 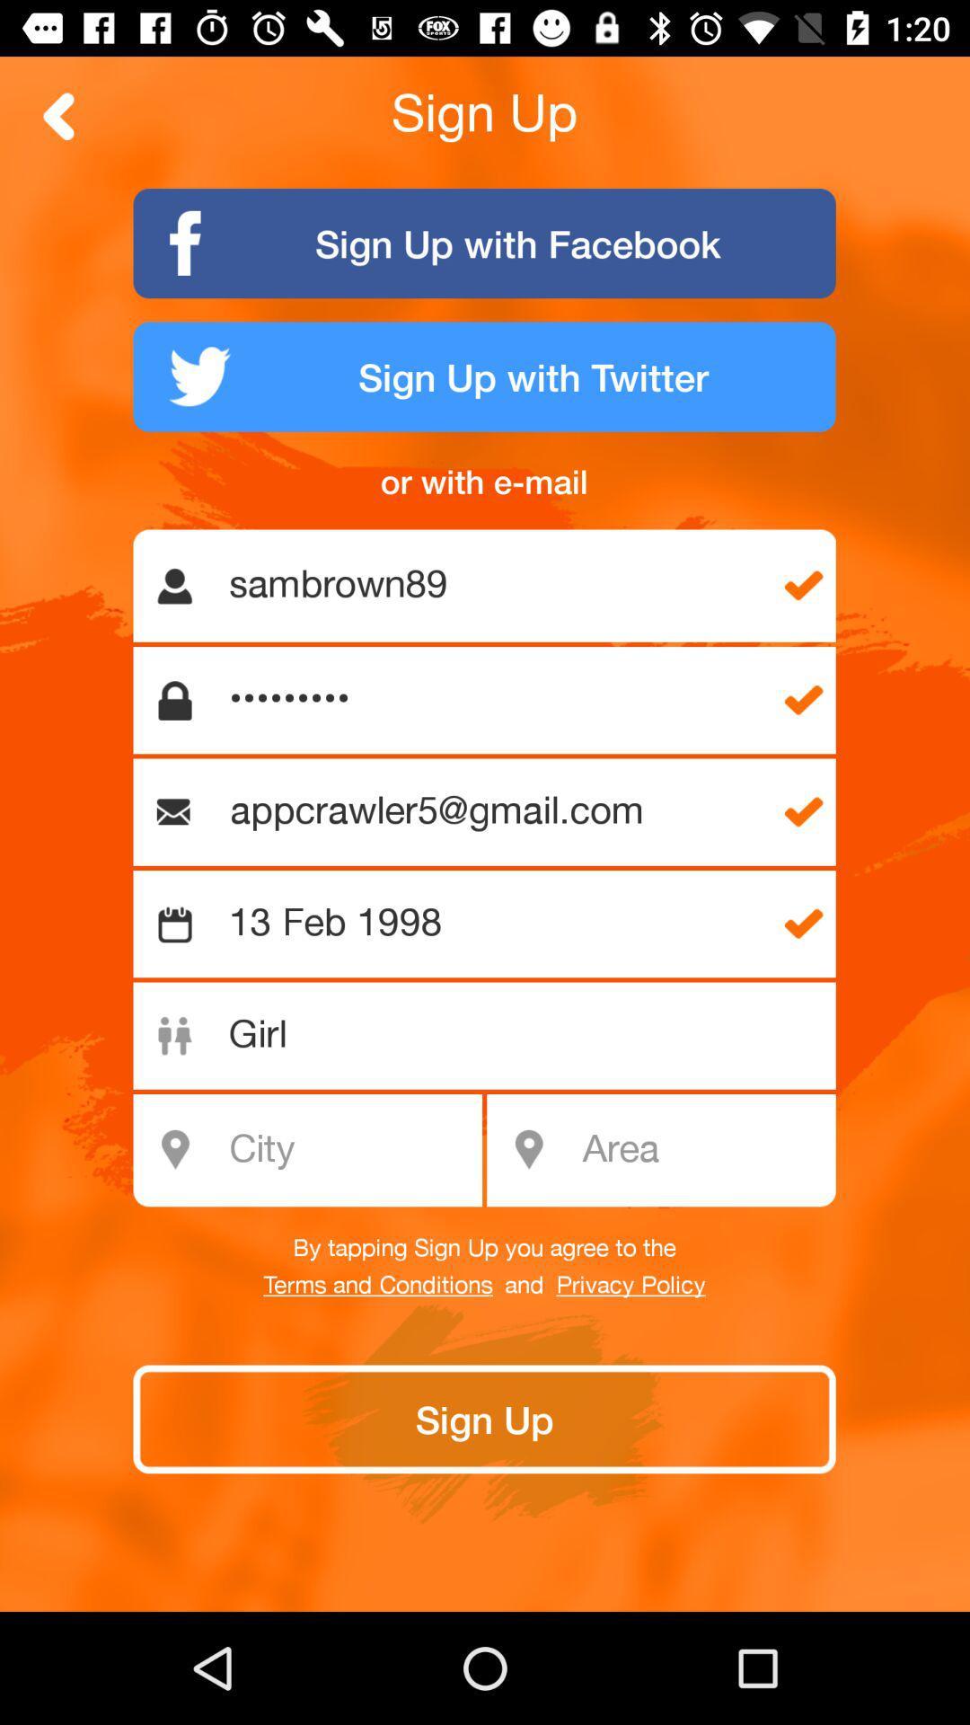 I want to click on the item next to the and icon, so click(x=377, y=1285).